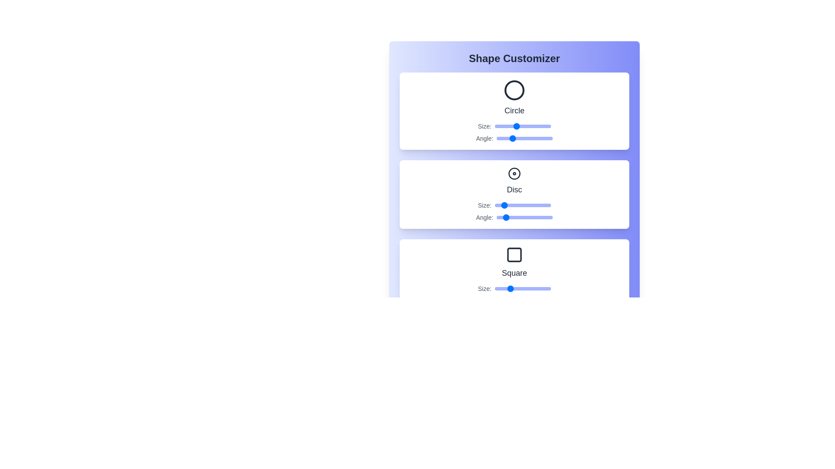 The width and height of the screenshot is (835, 469). I want to click on the icon of the shape Circle, so click(514, 90).